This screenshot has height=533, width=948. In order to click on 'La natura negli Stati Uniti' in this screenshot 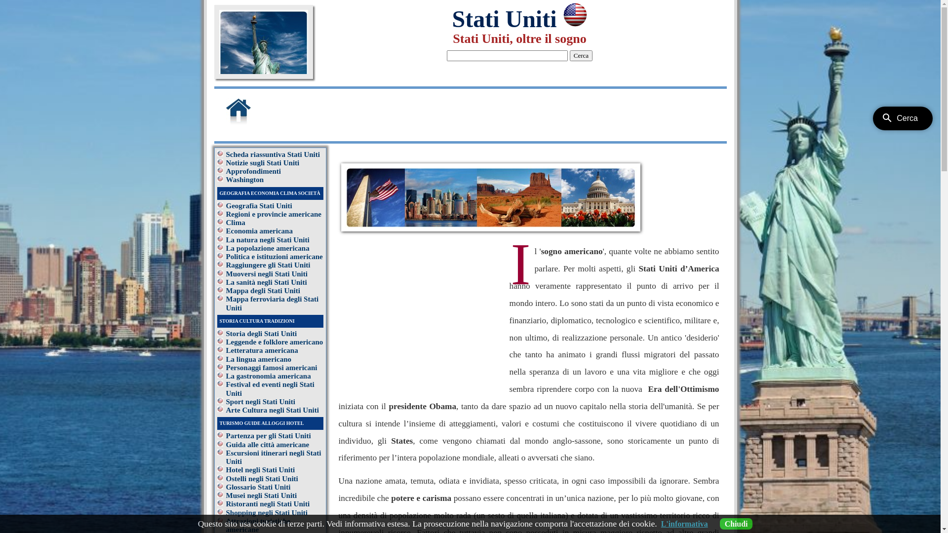, I will do `click(268, 240)`.